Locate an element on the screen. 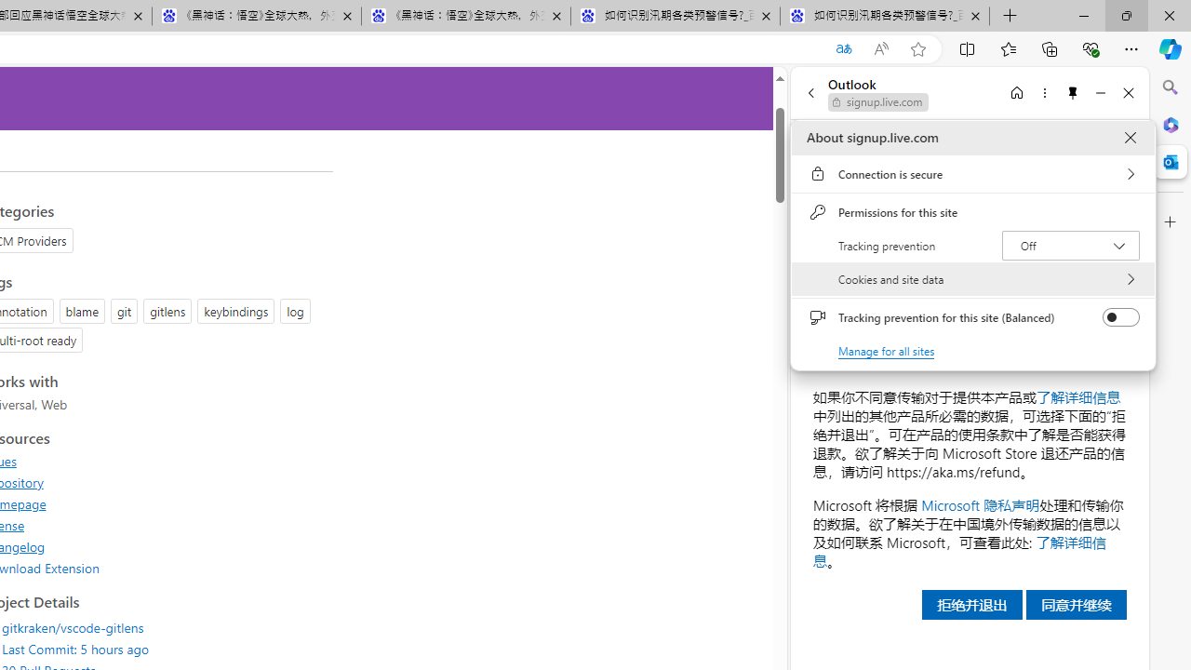 Image resolution: width=1191 pixels, height=670 pixels. 'Connection is secure' is located at coordinates (972, 174).